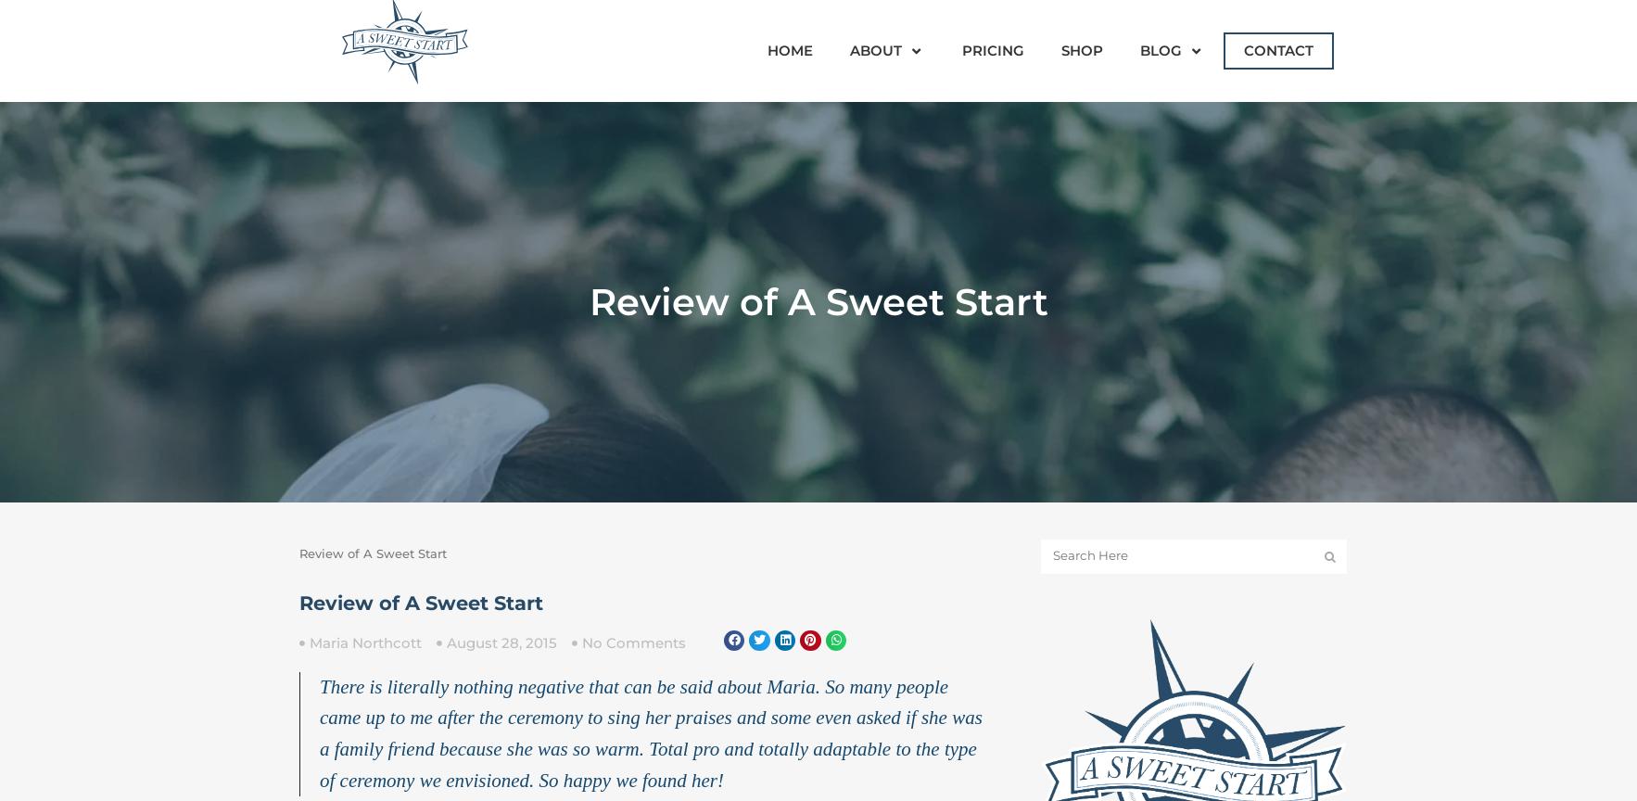 The image size is (1637, 801). I want to click on 'Planning Tips', so click(1195, 210).